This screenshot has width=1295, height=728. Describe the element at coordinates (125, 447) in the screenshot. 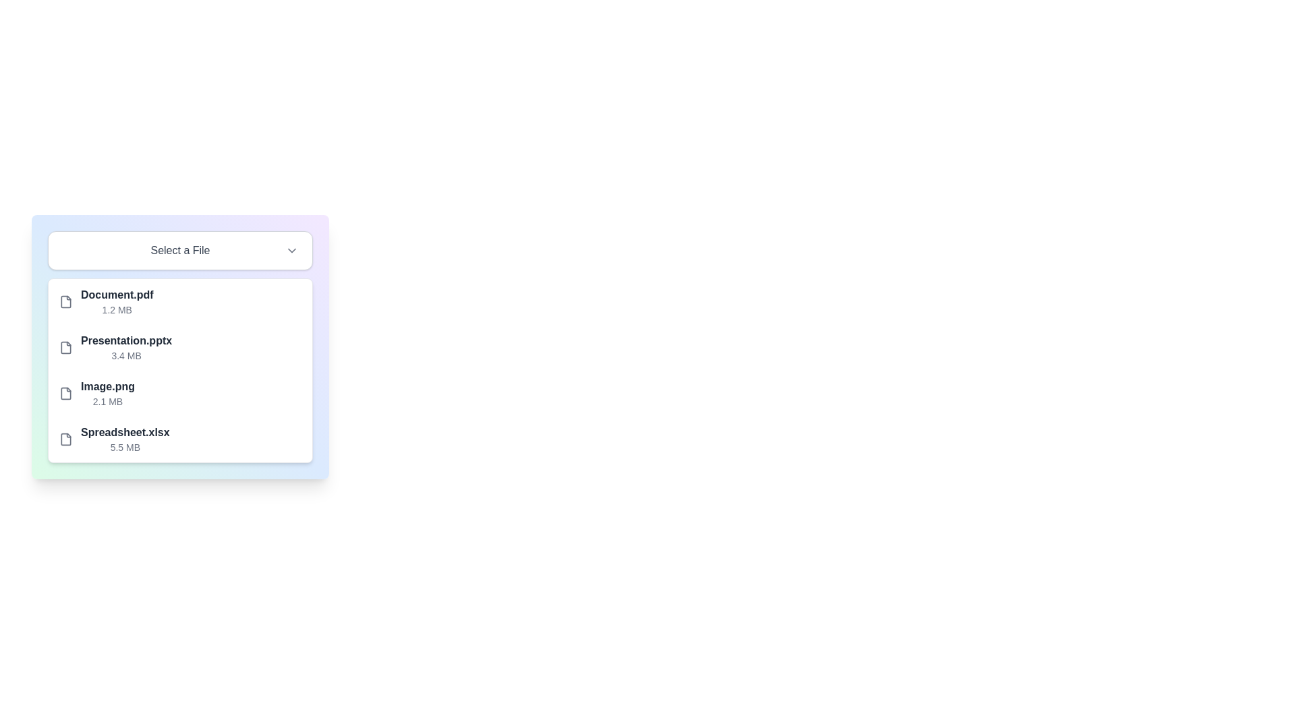

I see `the static text displaying '5.5 MB', which is located below the file name 'Spreadsheet.xlsx' in the file selection interface` at that location.